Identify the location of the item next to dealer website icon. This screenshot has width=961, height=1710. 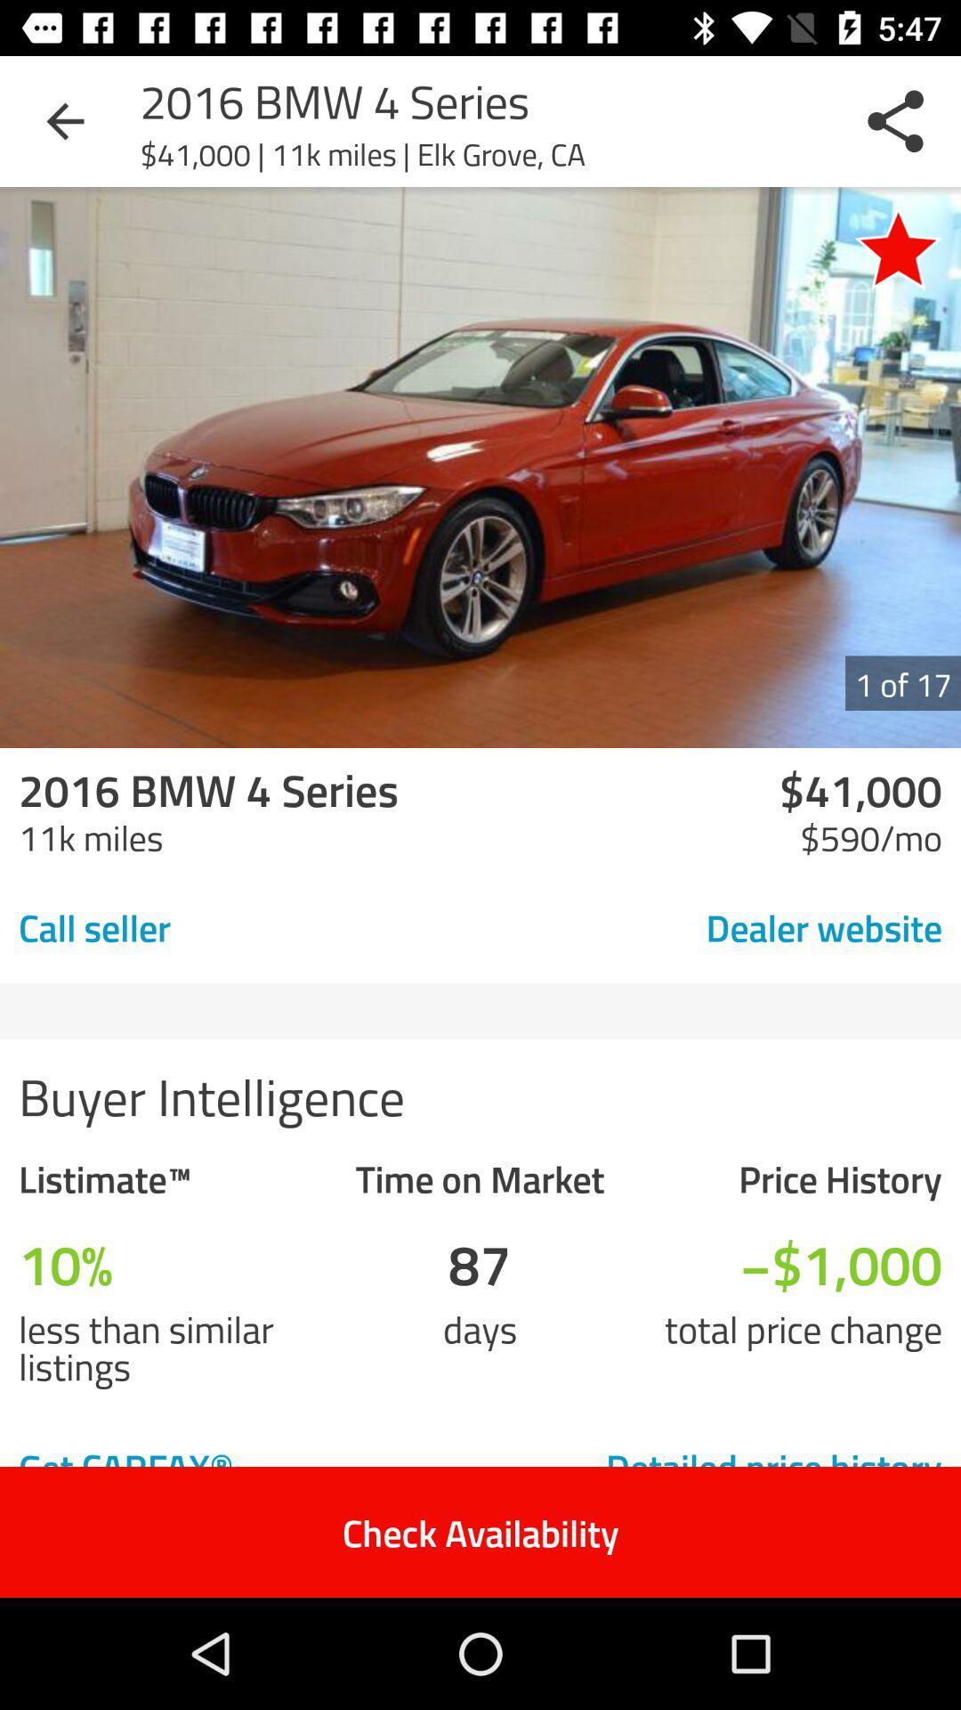
(218, 926).